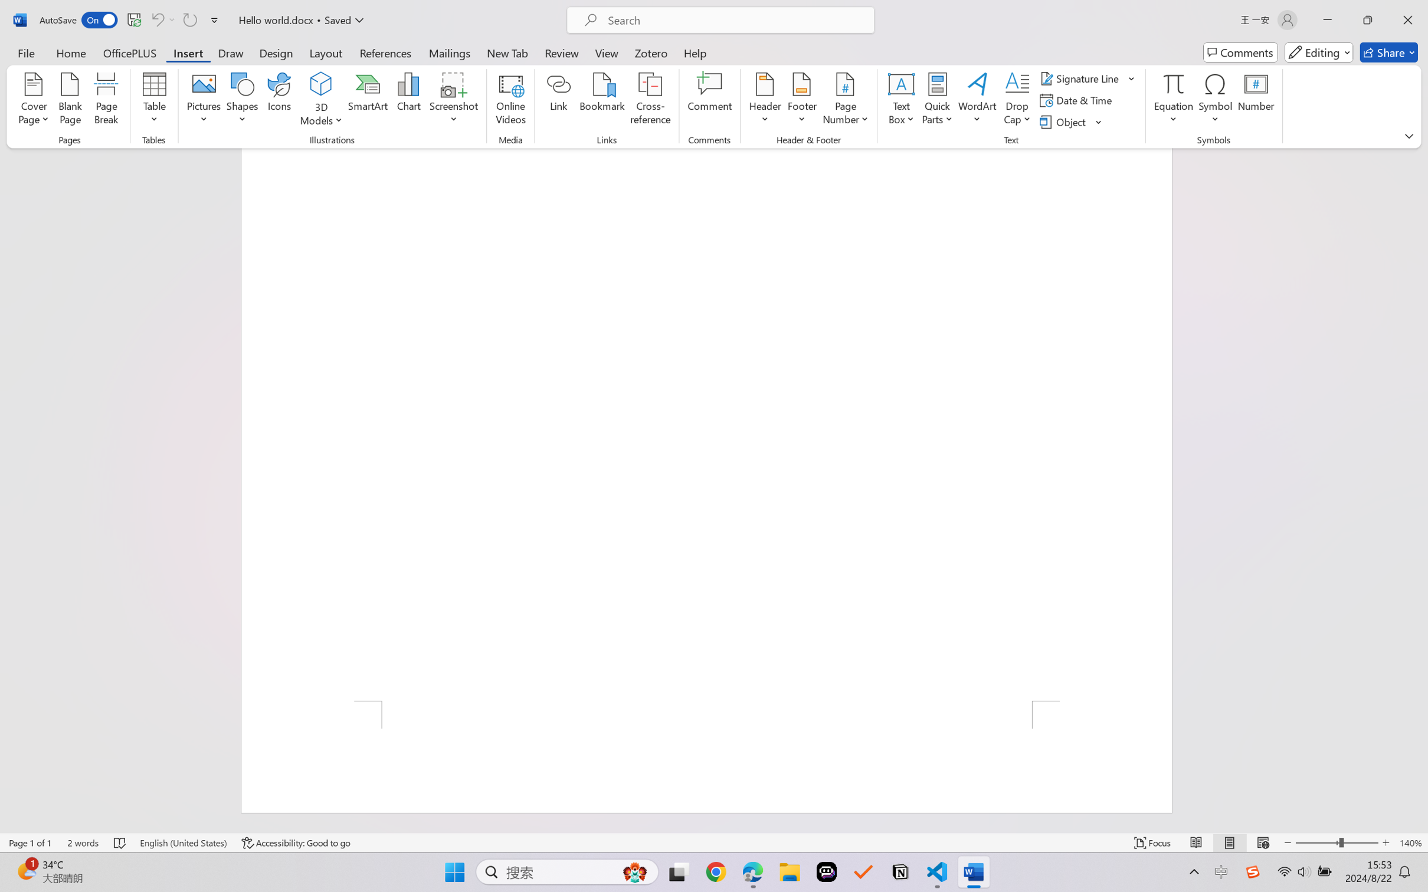  I want to click on 'Read Mode', so click(1196, 842).